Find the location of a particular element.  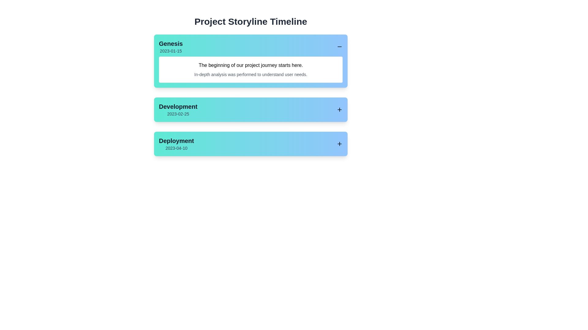

the timeline event label 'Development' which displays the date '2023-02-25', located in the middle card of a vertical stack in the timeline layout is located at coordinates (178, 109).